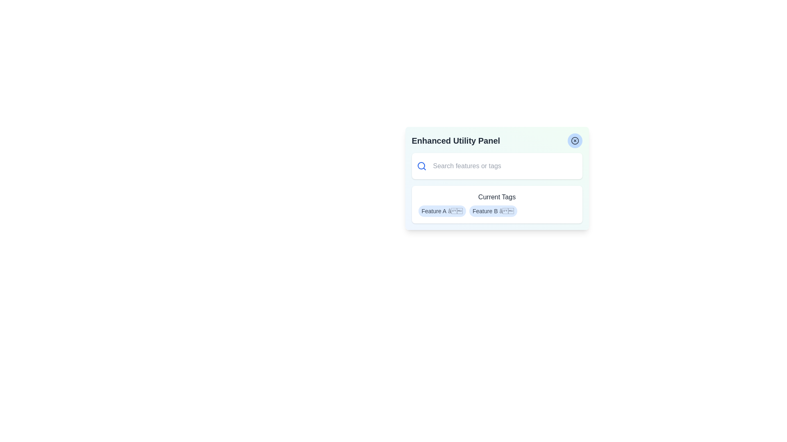 Image resolution: width=787 pixels, height=442 pixels. What do you see at coordinates (493, 211) in the screenshot?
I see `the interactive cross icon on the Tag-like button labeled 'Feature B✓'` at bounding box center [493, 211].